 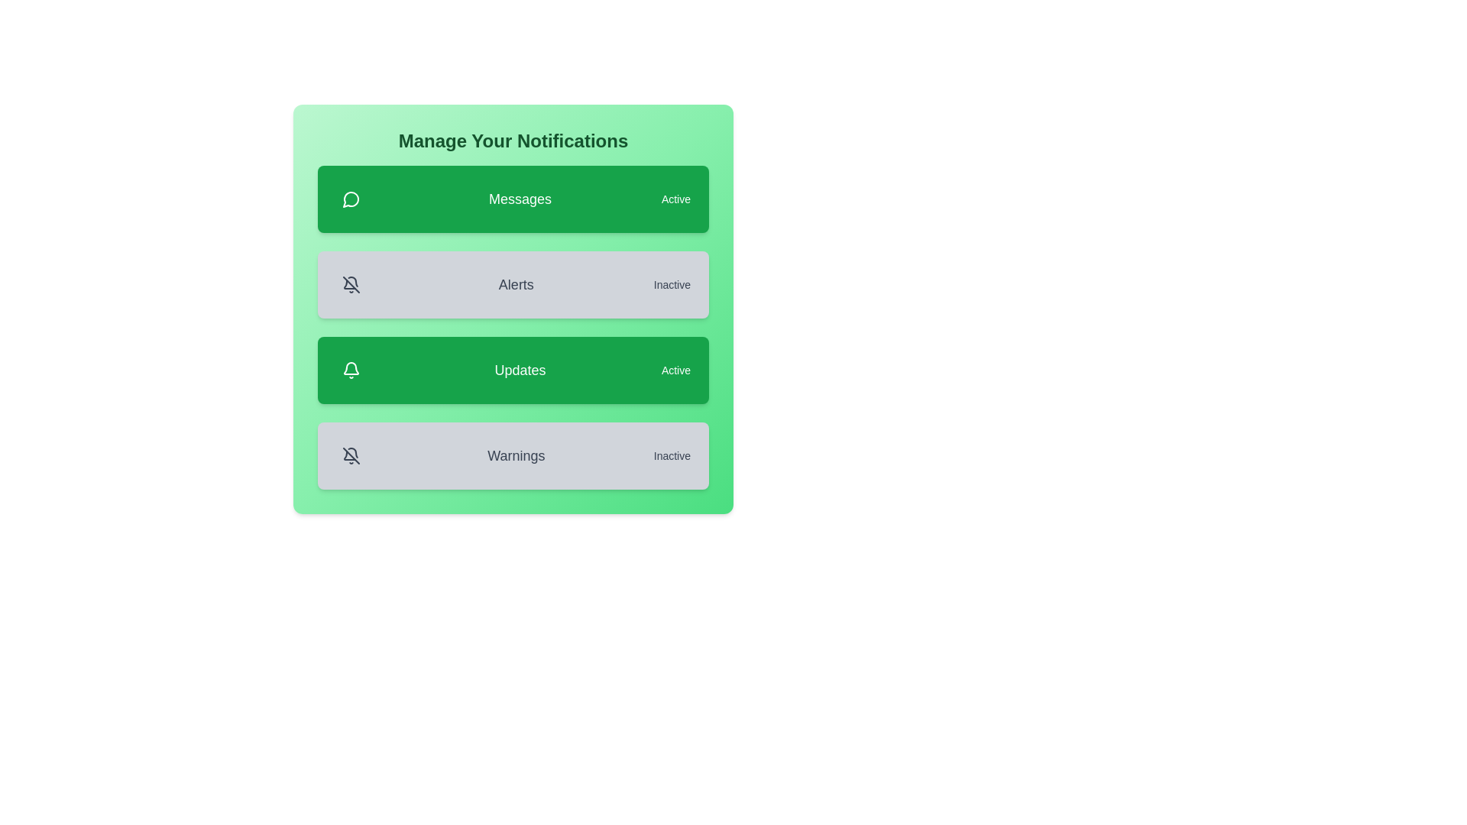 I want to click on the notification card for Messages, so click(x=513, y=199).